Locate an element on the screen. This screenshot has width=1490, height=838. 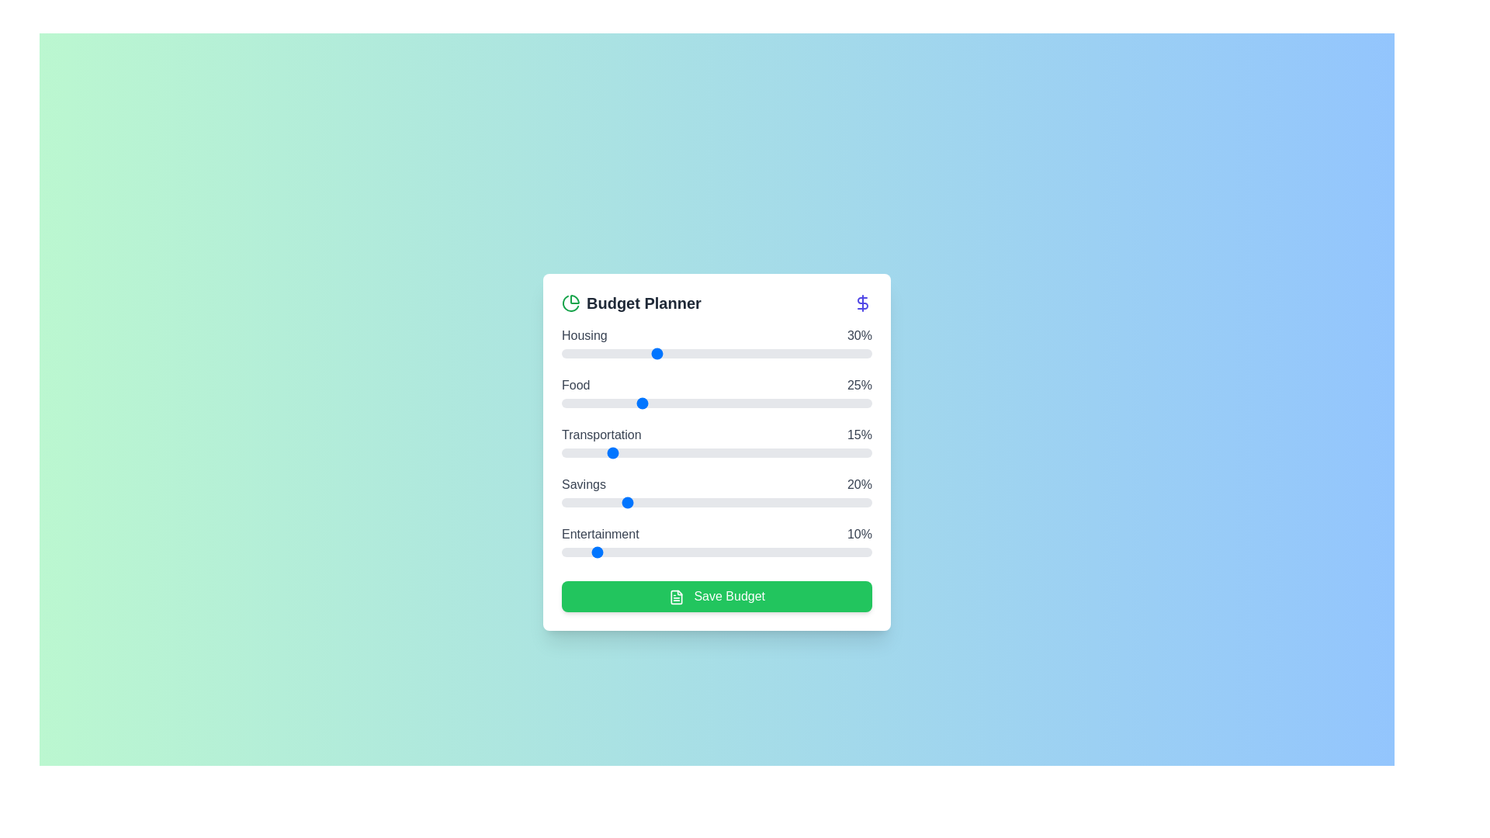
the slider for 'Entertainment' to set its percentage to 66 is located at coordinates (767, 552).